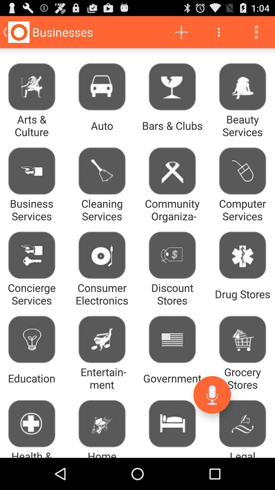  I want to click on the app next to entertainment item, so click(212, 395).